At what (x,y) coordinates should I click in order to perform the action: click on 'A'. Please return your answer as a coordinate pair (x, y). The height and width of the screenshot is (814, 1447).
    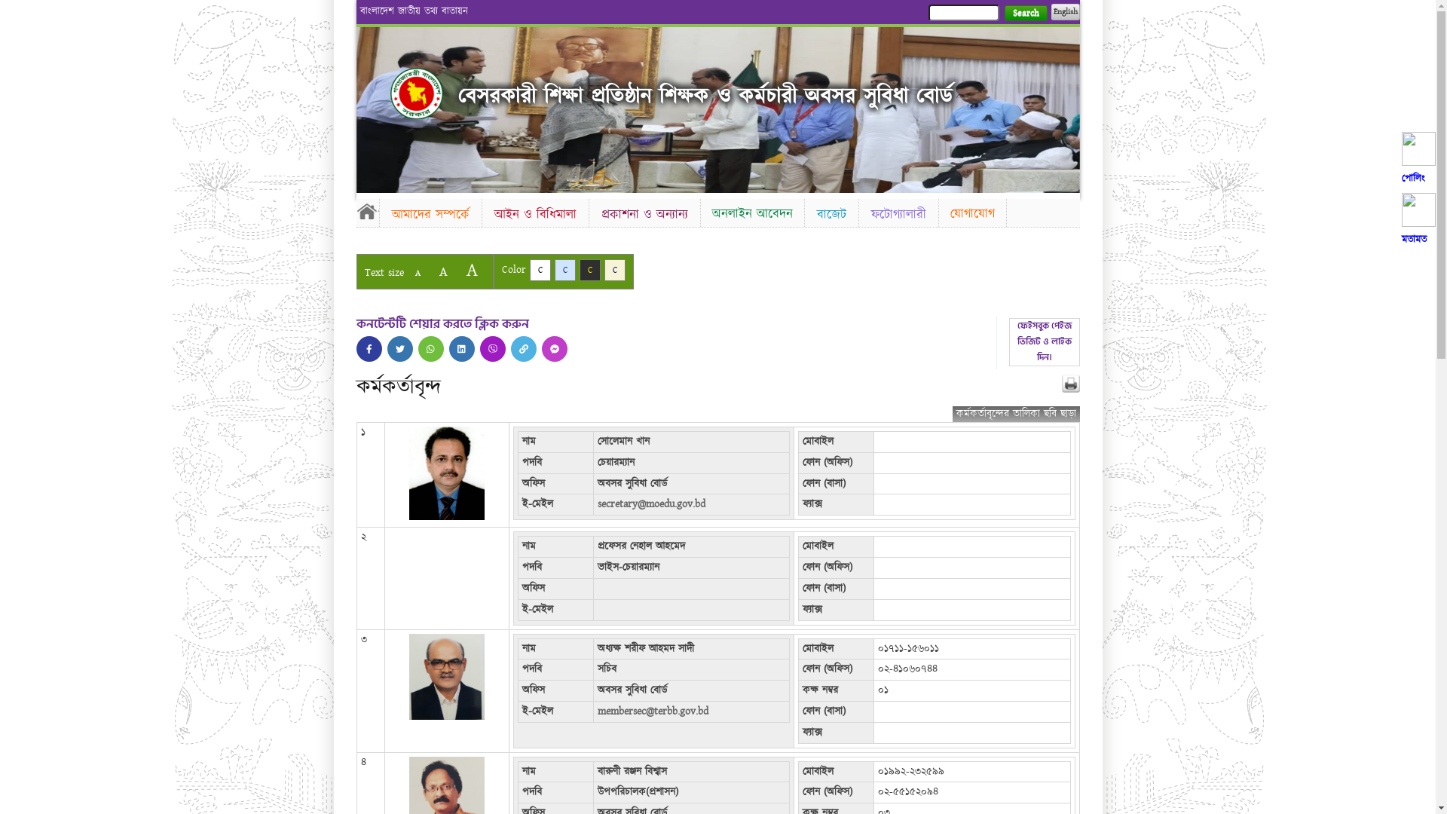
    Looking at the image, I should click on (442, 271).